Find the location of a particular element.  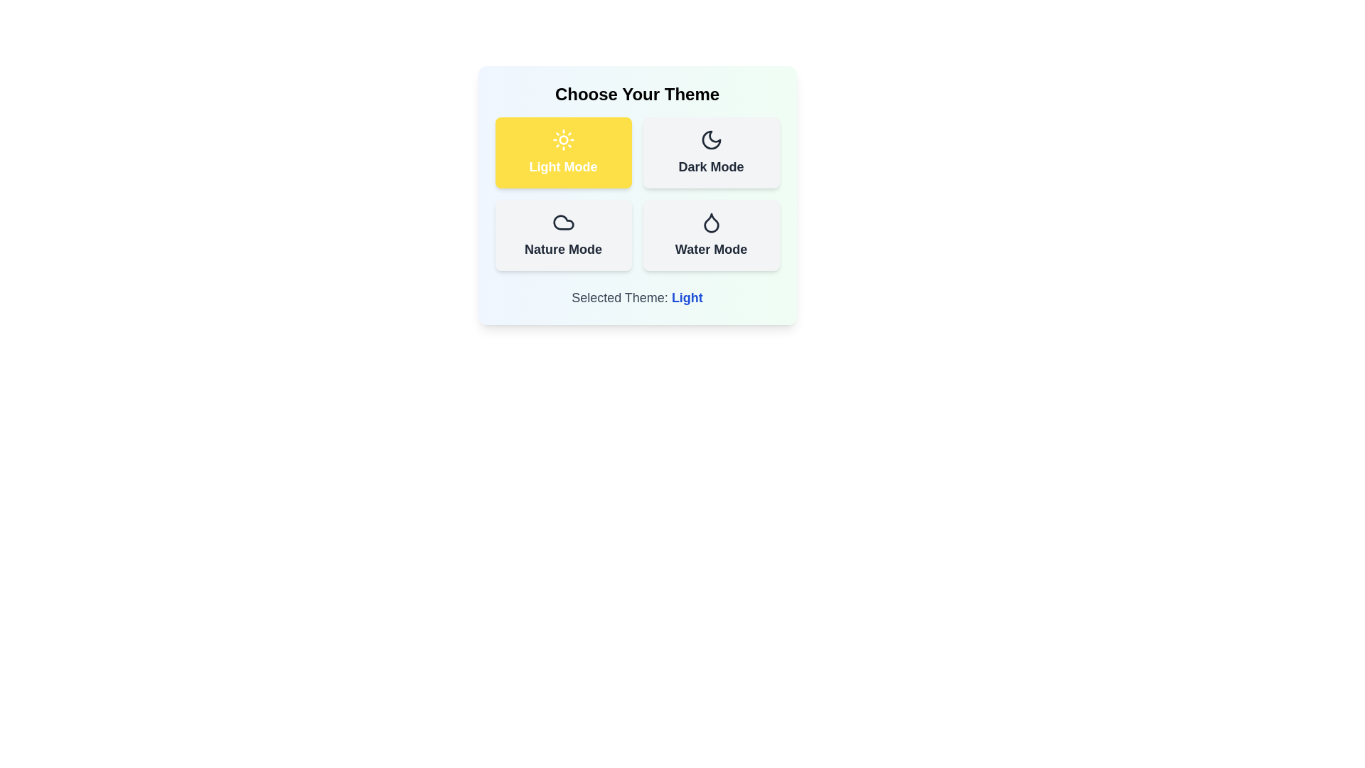

the theme button labeled Water Mode is located at coordinates (711, 235).